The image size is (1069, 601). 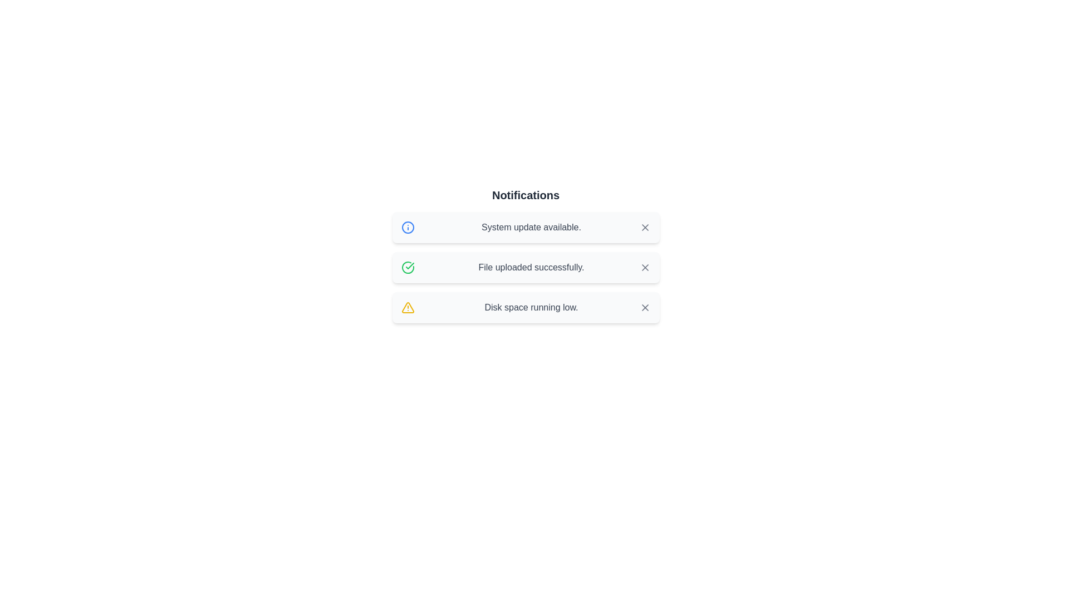 What do you see at coordinates (407, 307) in the screenshot?
I see `the visual alert icon indicating a warning about disk space running low, which is positioned on the leftmost side of the notification` at bounding box center [407, 307].